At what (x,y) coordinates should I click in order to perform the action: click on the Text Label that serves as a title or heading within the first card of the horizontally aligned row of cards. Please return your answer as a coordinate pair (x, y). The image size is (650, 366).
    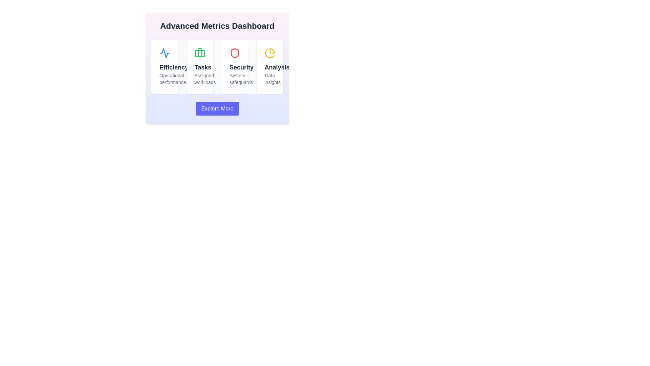
    Looking at the image, I should click on (165, 67).